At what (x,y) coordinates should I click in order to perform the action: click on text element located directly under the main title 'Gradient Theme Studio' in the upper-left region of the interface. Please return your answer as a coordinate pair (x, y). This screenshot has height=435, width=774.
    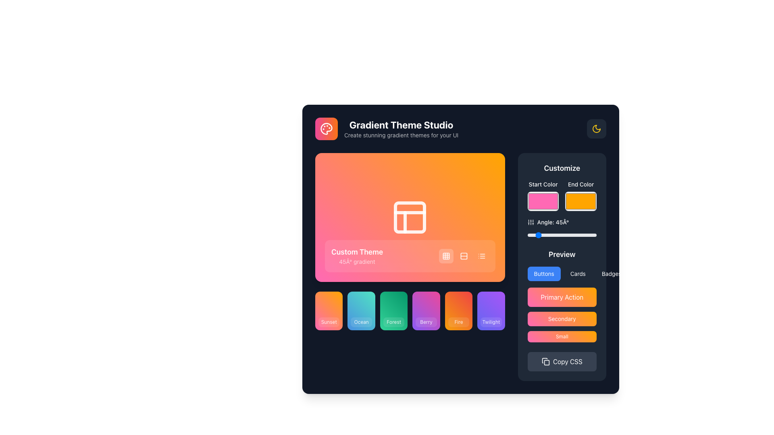
    Looking at the image, I should click on (401, 135).